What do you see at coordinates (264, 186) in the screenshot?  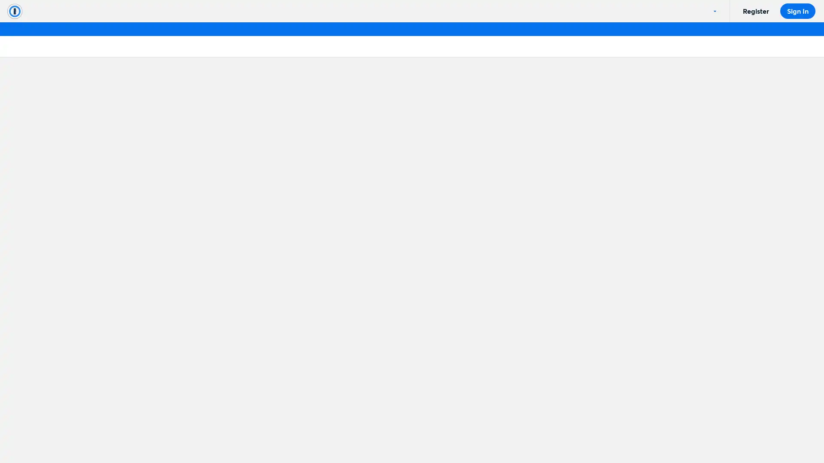 I see `Search` at bounding box center [264, 186].